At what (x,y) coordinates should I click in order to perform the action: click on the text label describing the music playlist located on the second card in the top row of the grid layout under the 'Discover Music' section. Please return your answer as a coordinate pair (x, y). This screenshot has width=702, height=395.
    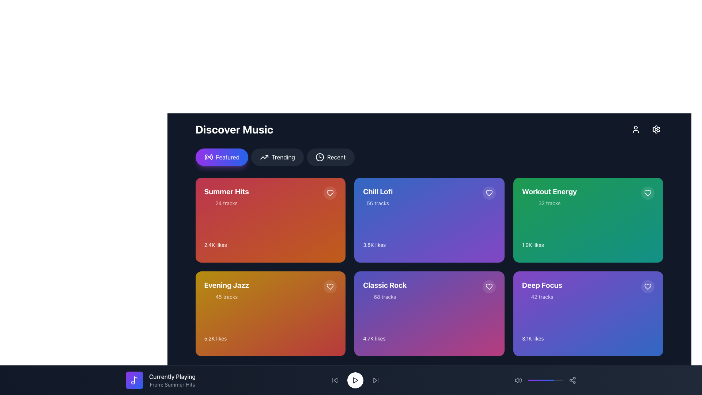
    Looking at the image, I should click on (378, 196).